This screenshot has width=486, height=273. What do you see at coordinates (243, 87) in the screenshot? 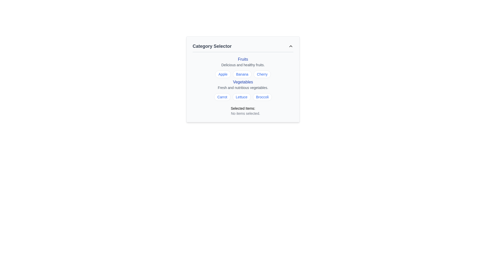
I see `the informational text label describing the 'Vegetables' category, which is located below the 'Vegetables' title and above the options 'Carrot', 'Lettuce', and 'Broccoli'` at bounding box center [243, 87].